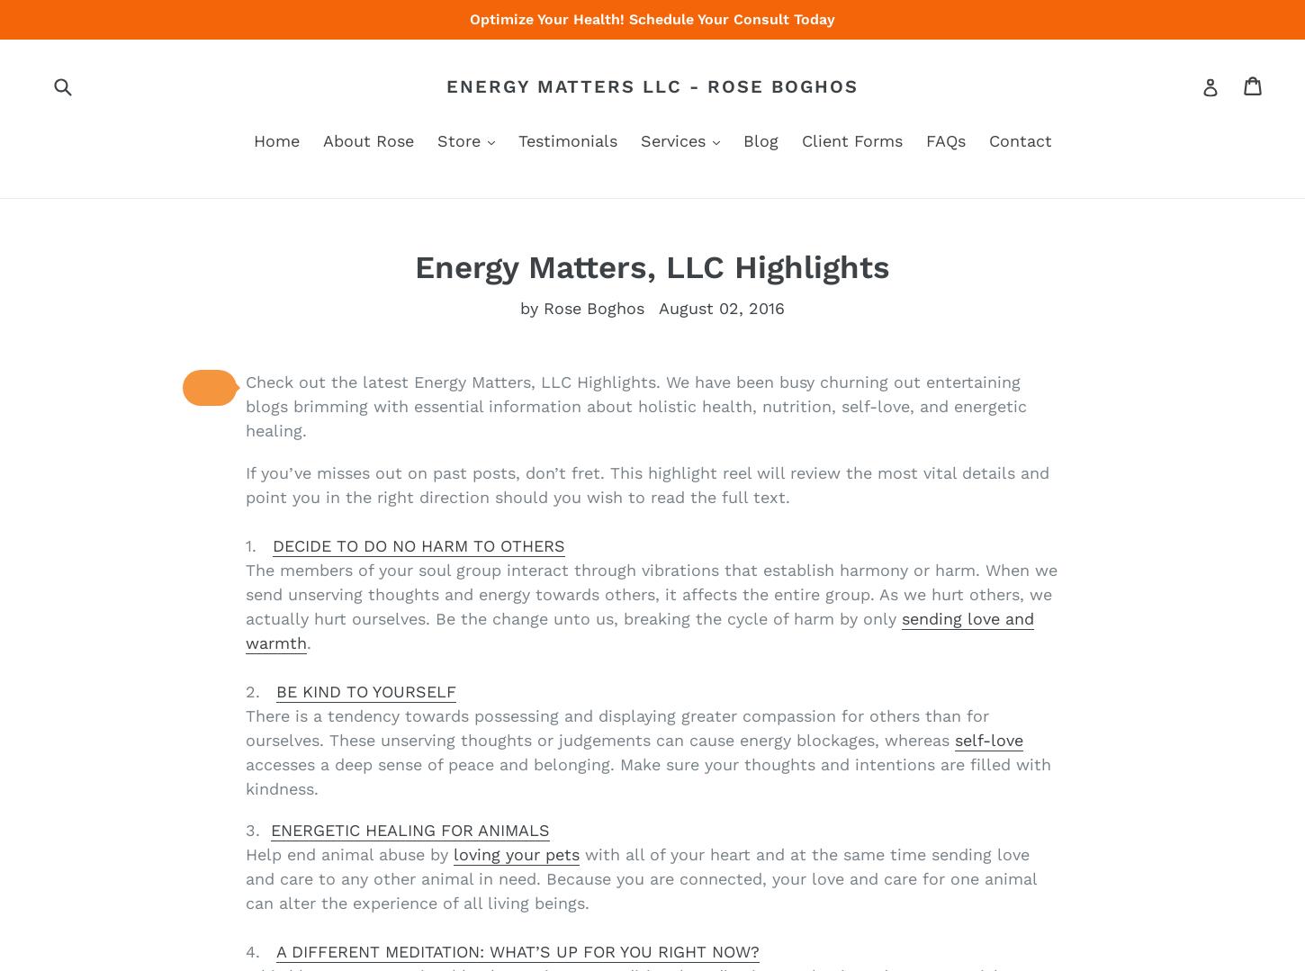 This screenshot has height=971, width=1305. Describe the element at coordinates (460, 139) in the screenshot. I see `'Store'` at that location.